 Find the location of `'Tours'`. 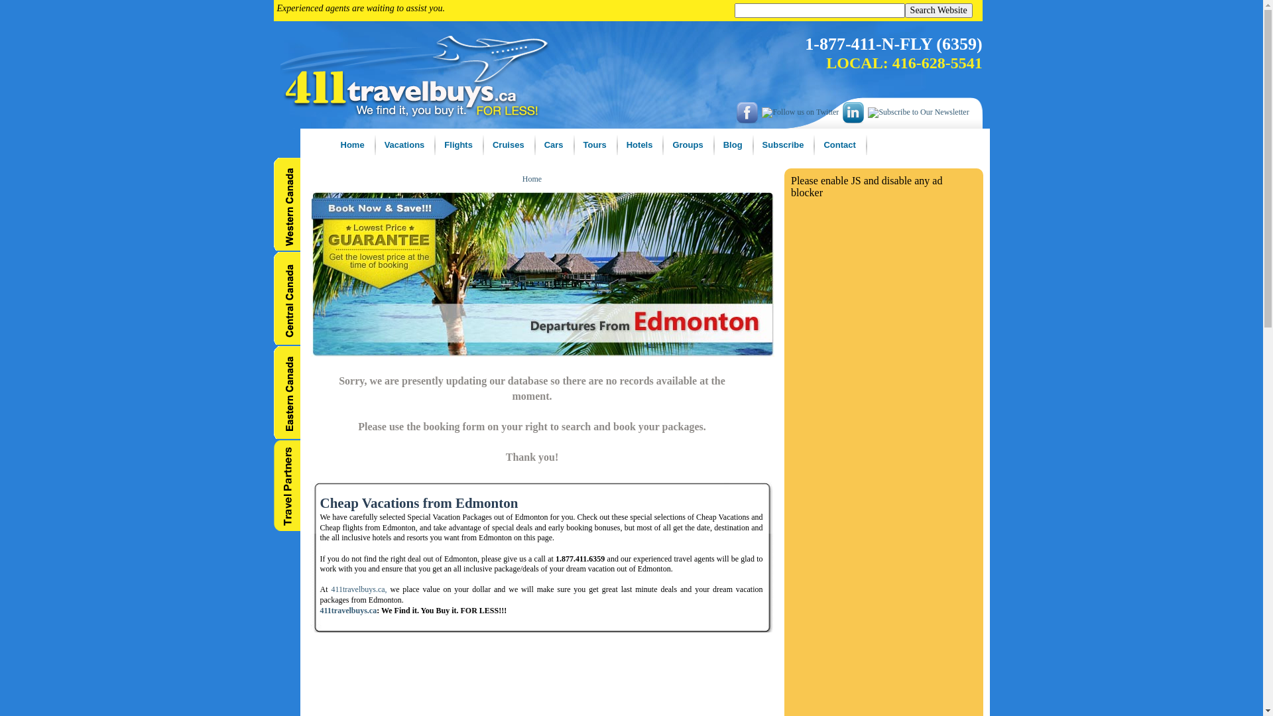

'Tours' is located at coordinates (573, 145).